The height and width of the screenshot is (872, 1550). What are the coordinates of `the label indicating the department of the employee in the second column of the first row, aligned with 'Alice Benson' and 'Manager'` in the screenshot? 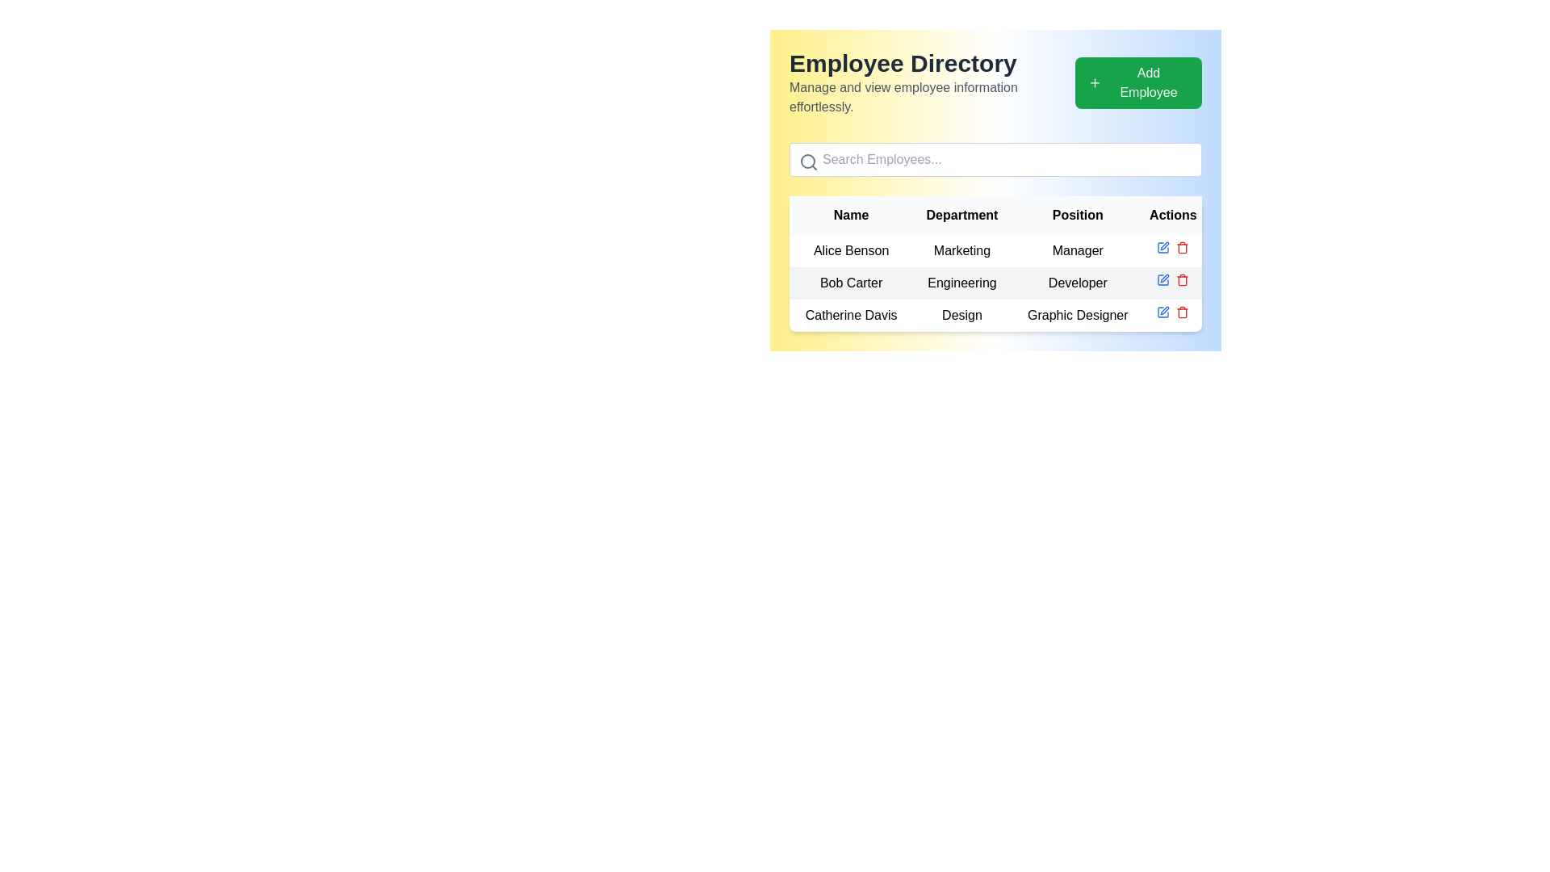 It's located at (961, 251).